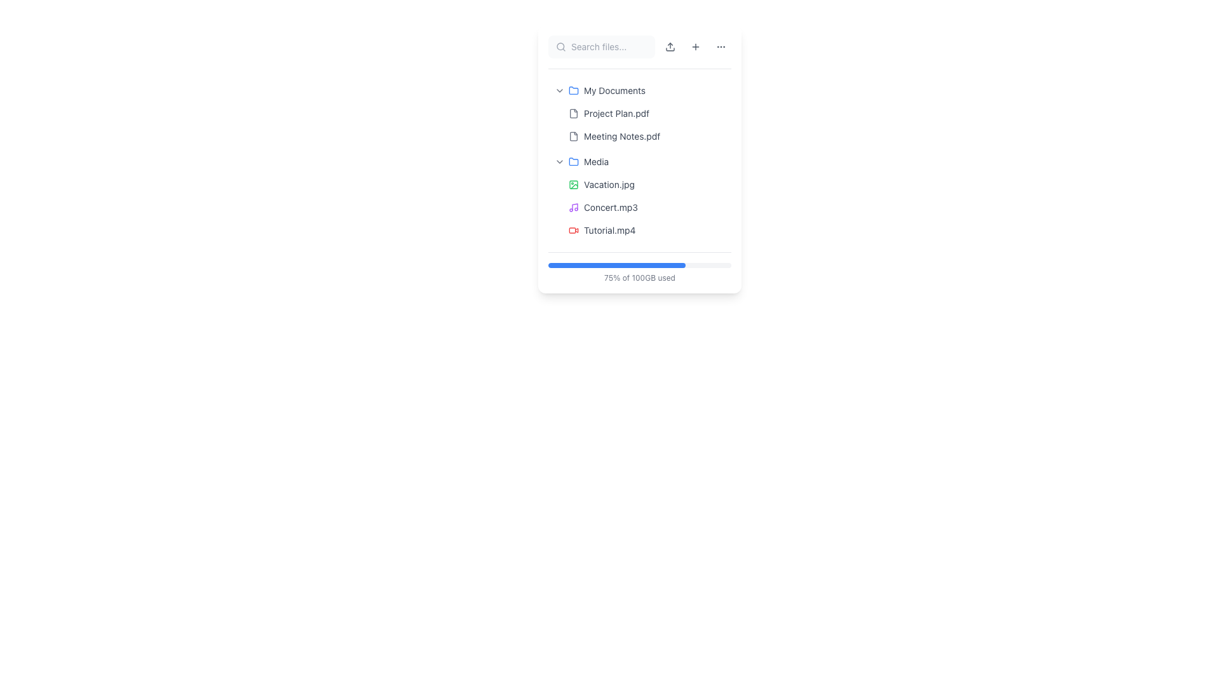 The image size is (1220, 686). Describe the element at coordinates (573, 137) in the screenshot. I see `the file icon representing 'Meeting Notes.pdf', which is styled with a gray outline and is positioned to the far left of the file name in a vertical list of files` at that location.